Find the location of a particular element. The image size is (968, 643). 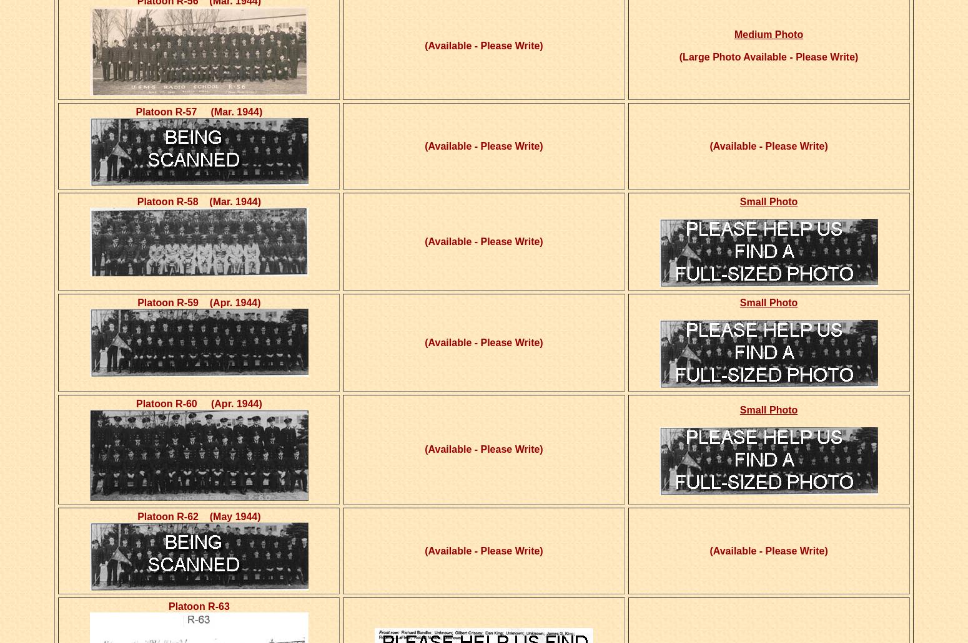

'(Large Photo Available - Please 
                
                Write)' is located at coordinates (768, 56).